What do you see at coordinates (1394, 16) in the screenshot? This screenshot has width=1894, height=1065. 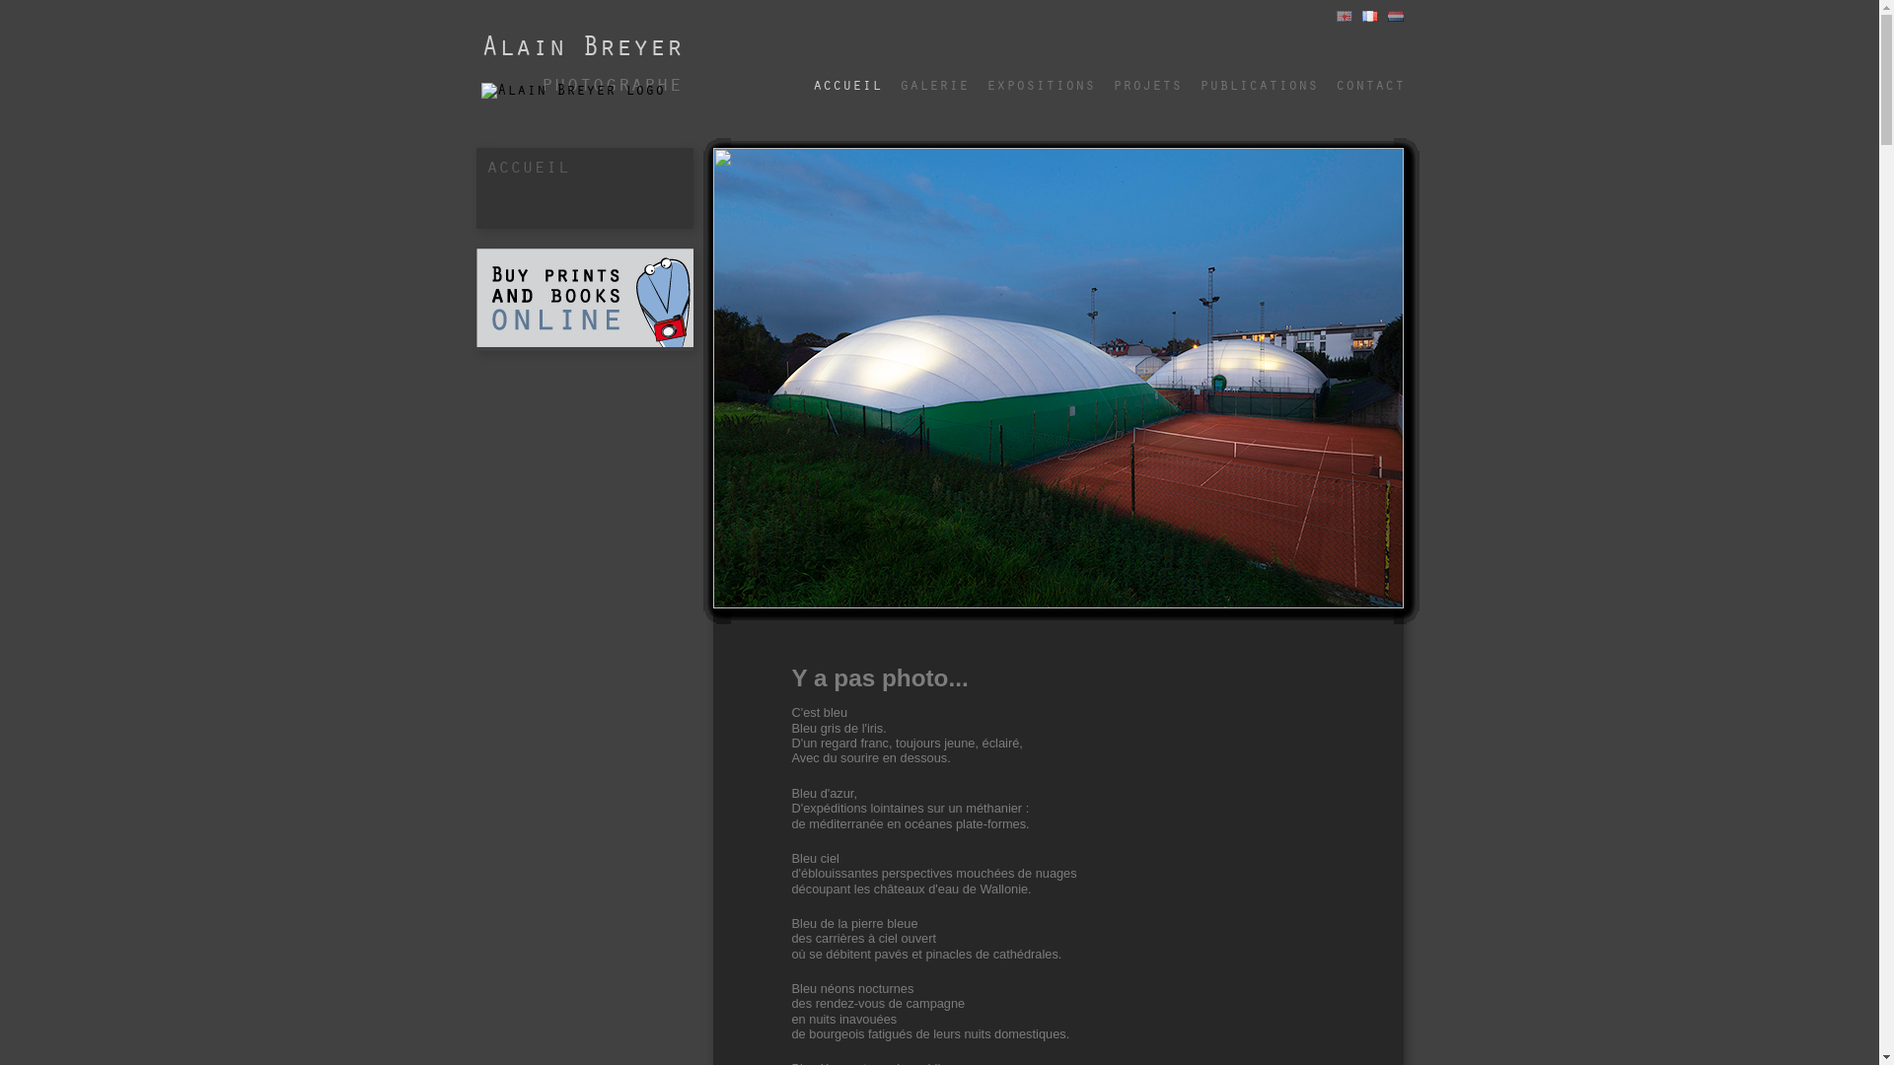 I see `'Nederlands'` at bounding box center [1394, 16].